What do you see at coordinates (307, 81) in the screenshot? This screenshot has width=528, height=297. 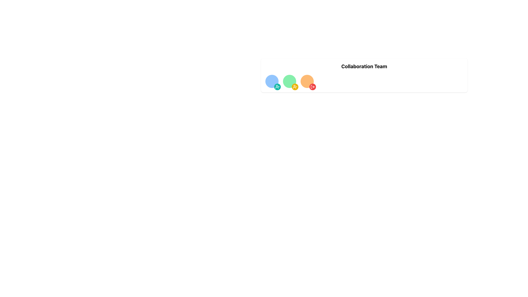 I see `the orange circular icon with a red badge containing a white log-out symbol, which is the fourth icon from the left in the row of similar icons, to log out or trigger a related action` at bounding box center [307, 81].